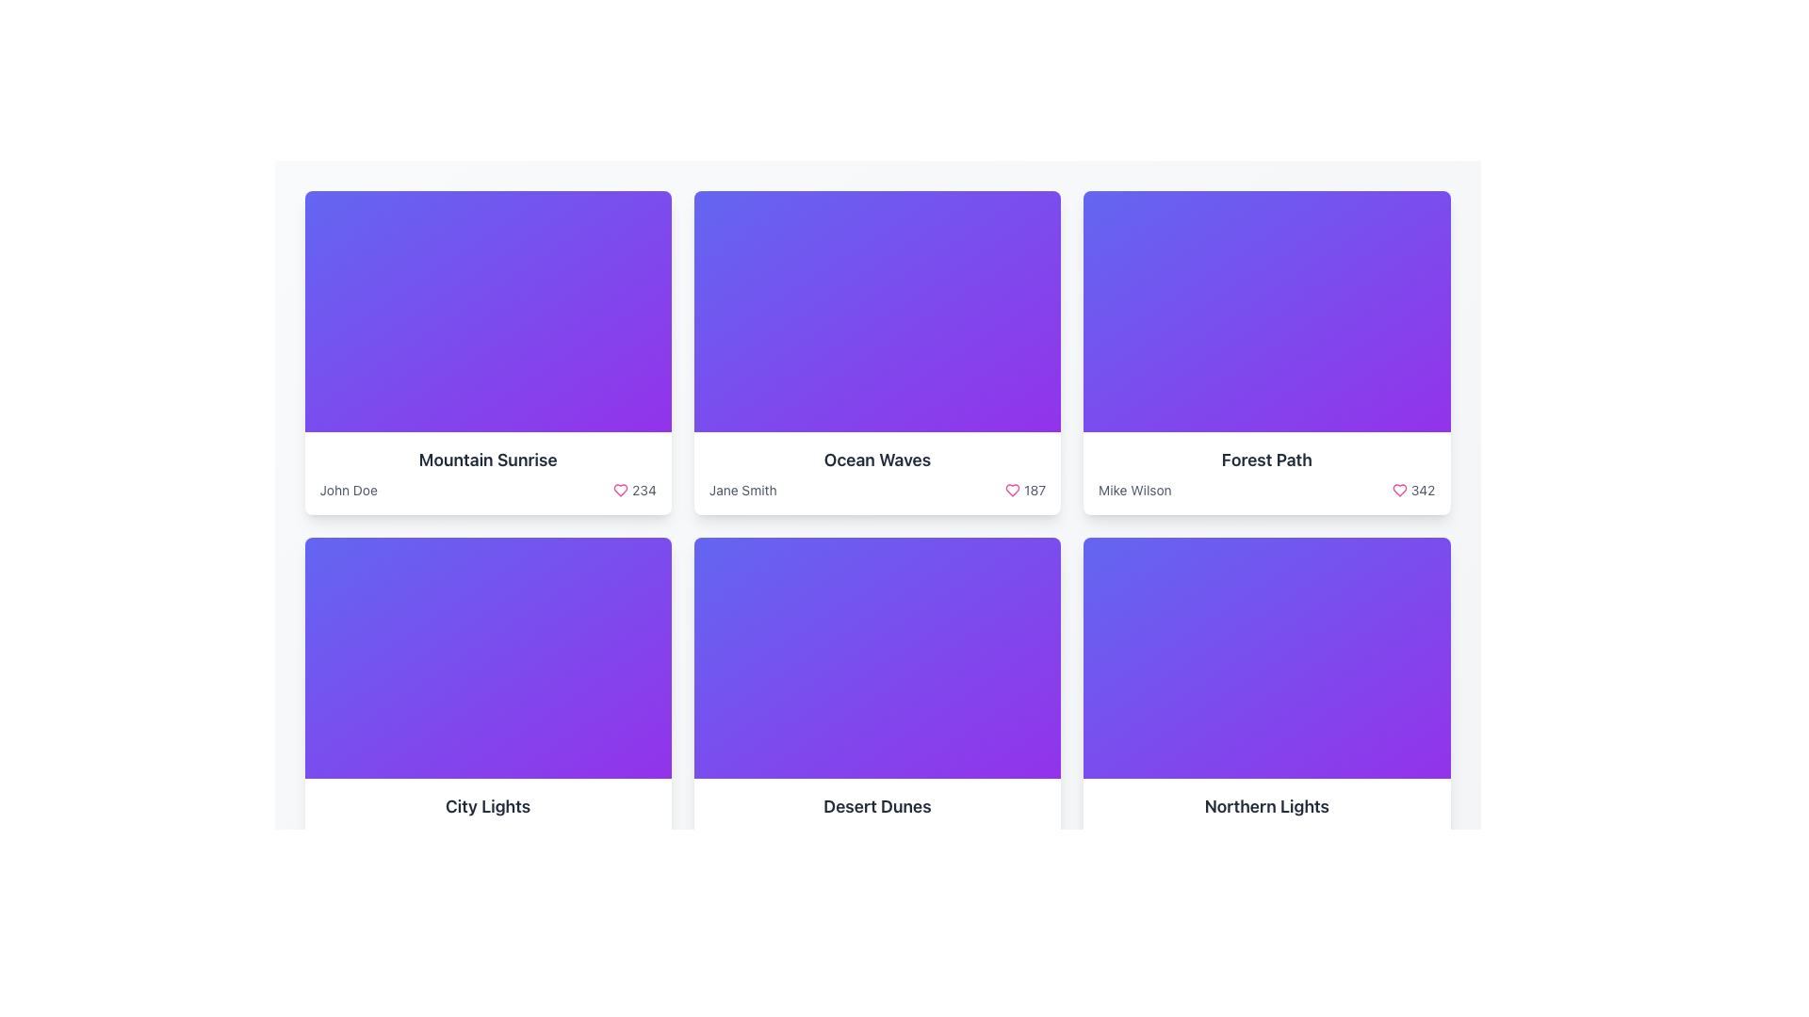 The width and height of the screenshot is (1809, 1017). I want to click on the gradient box styled with a purple to indigo color transition, which is located in the card labeled 'Mountain Sunrise' in the top-left corner of the grid layout, so click(488, 311).